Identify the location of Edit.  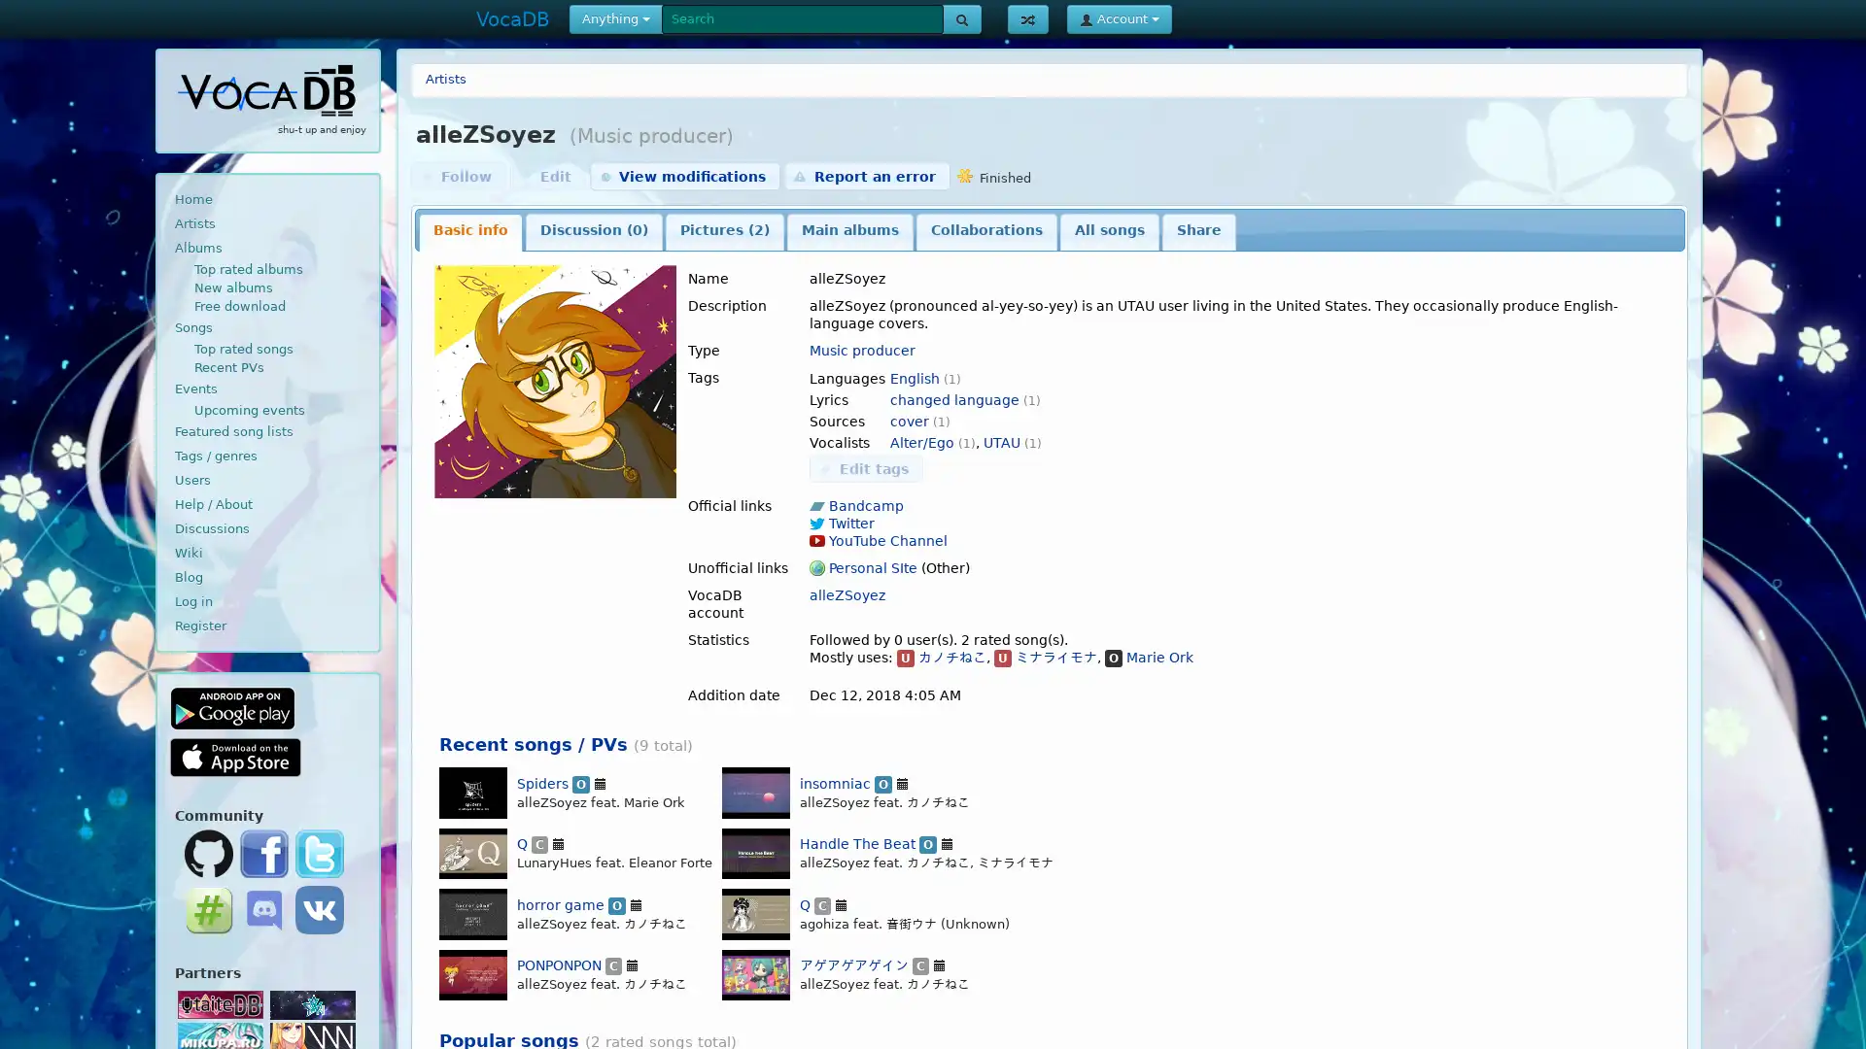
(546, 176).